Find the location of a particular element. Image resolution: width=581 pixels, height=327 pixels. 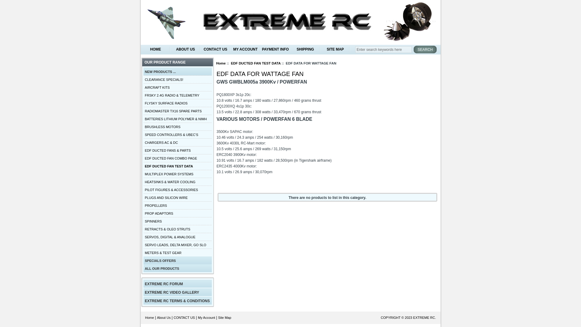

'SERVO LEADS, DELTA MIXER, GO SLO' is located at coordinates (177, 244).